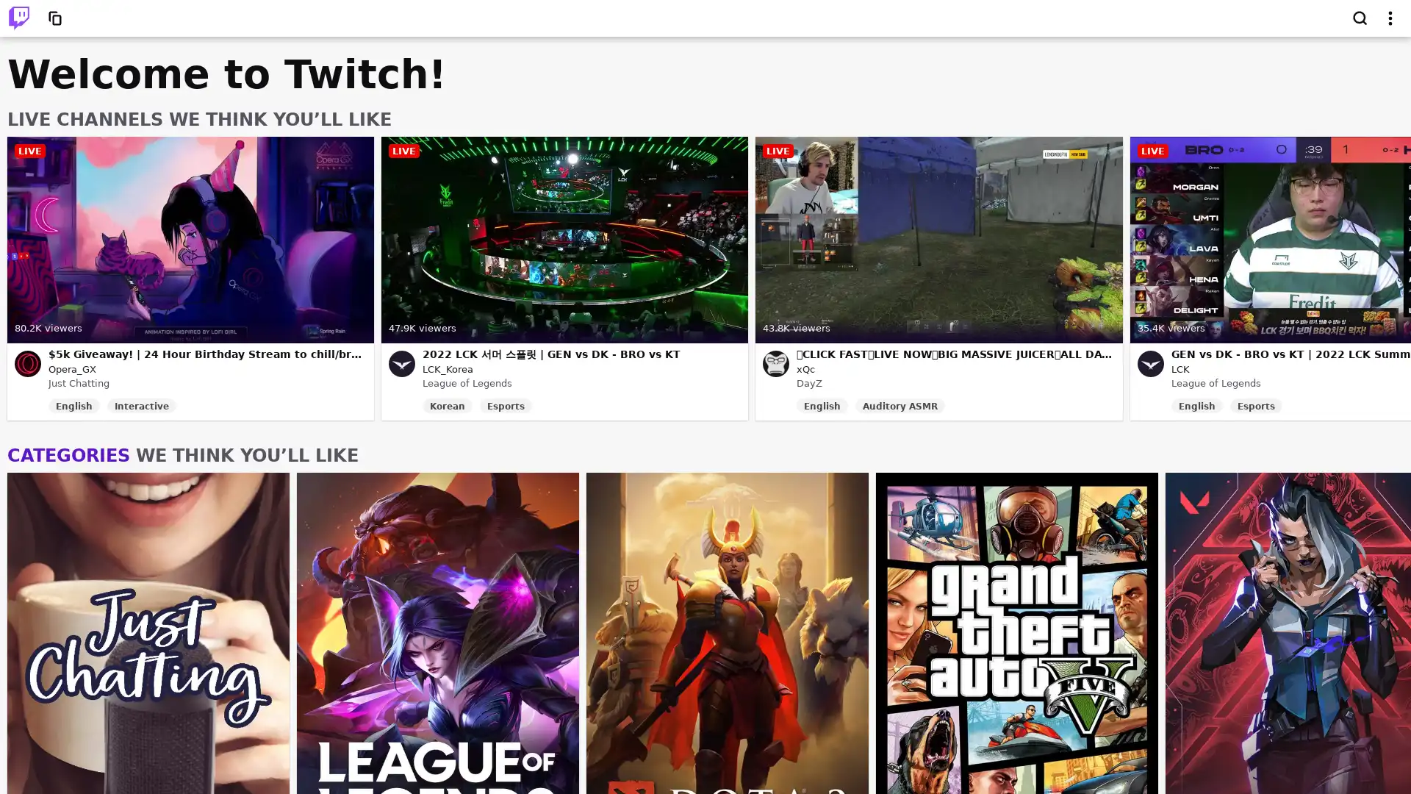  Describe the element at coordinates (1389, 18) in the screenshot. I see `Show top navigation menu` at that location.